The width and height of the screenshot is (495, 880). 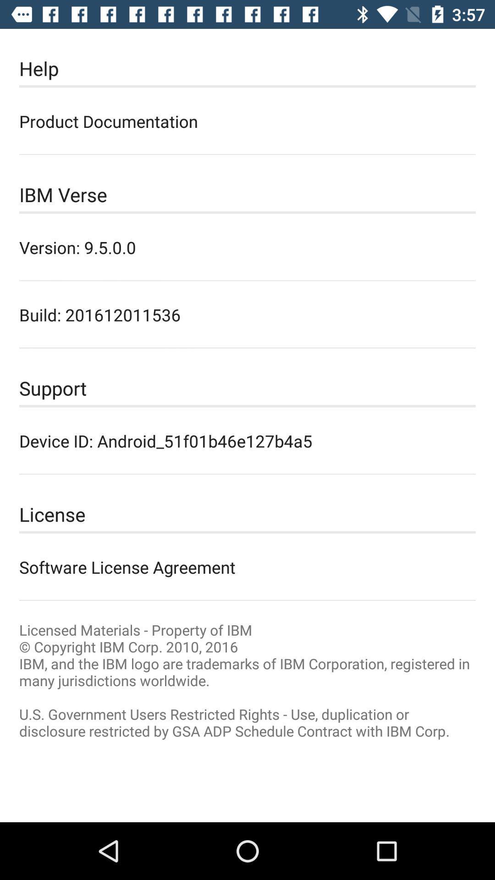 What do you see at coordinates (247, 121) in the screenshot?
I see `icon above the ibm verse item` at bounding box center [247, 121].